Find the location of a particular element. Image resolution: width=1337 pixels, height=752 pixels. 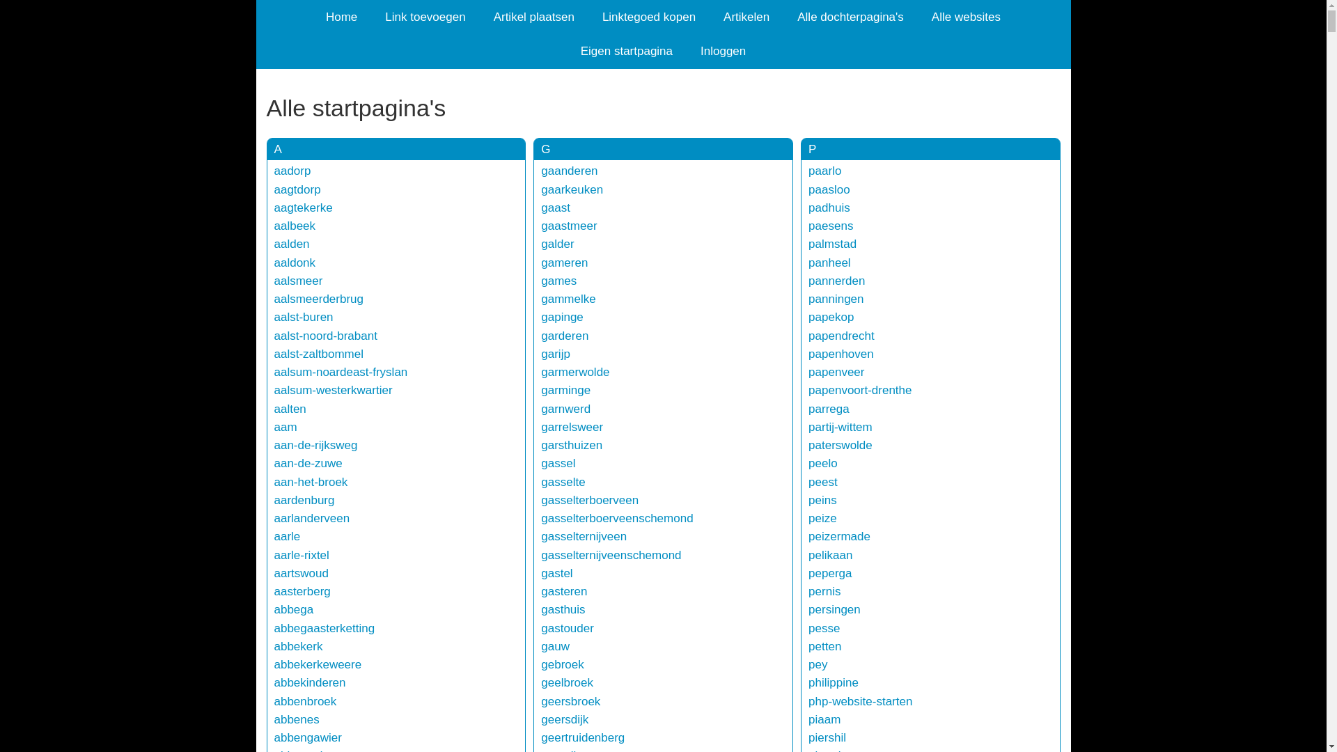

'aam' is located at coordinates (285, 426).